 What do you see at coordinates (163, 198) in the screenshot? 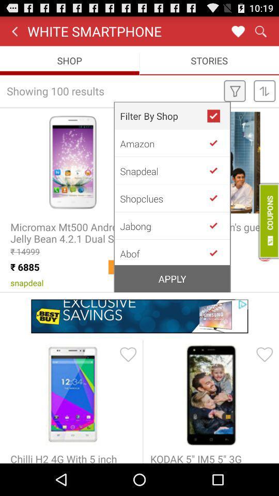
I see `the shopclues item` at bounding box center [163, 198].